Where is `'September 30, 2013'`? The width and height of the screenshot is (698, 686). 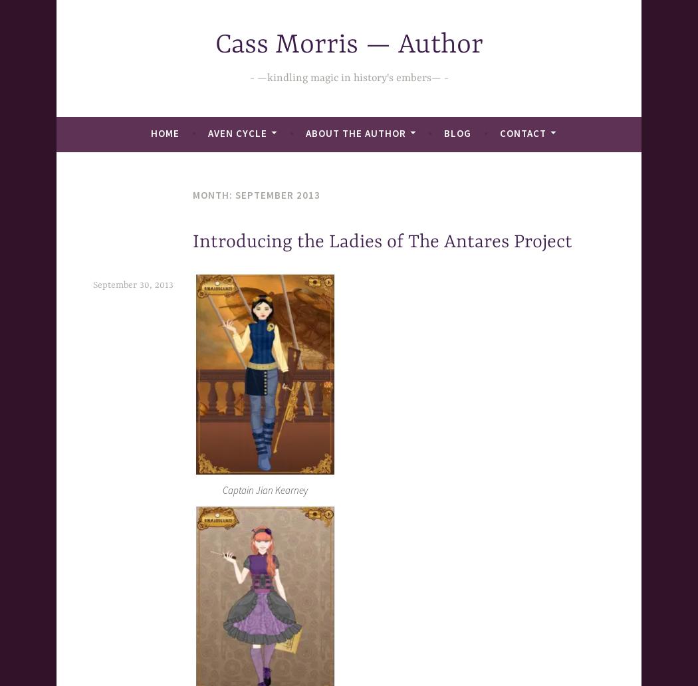 'September 30, 2013' is located at coordinates (132, 285).